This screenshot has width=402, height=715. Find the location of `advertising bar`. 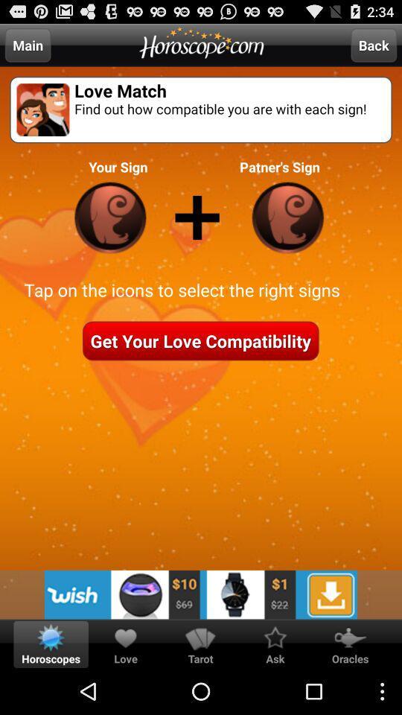

advertising bar is located at coordinates (201, 594).